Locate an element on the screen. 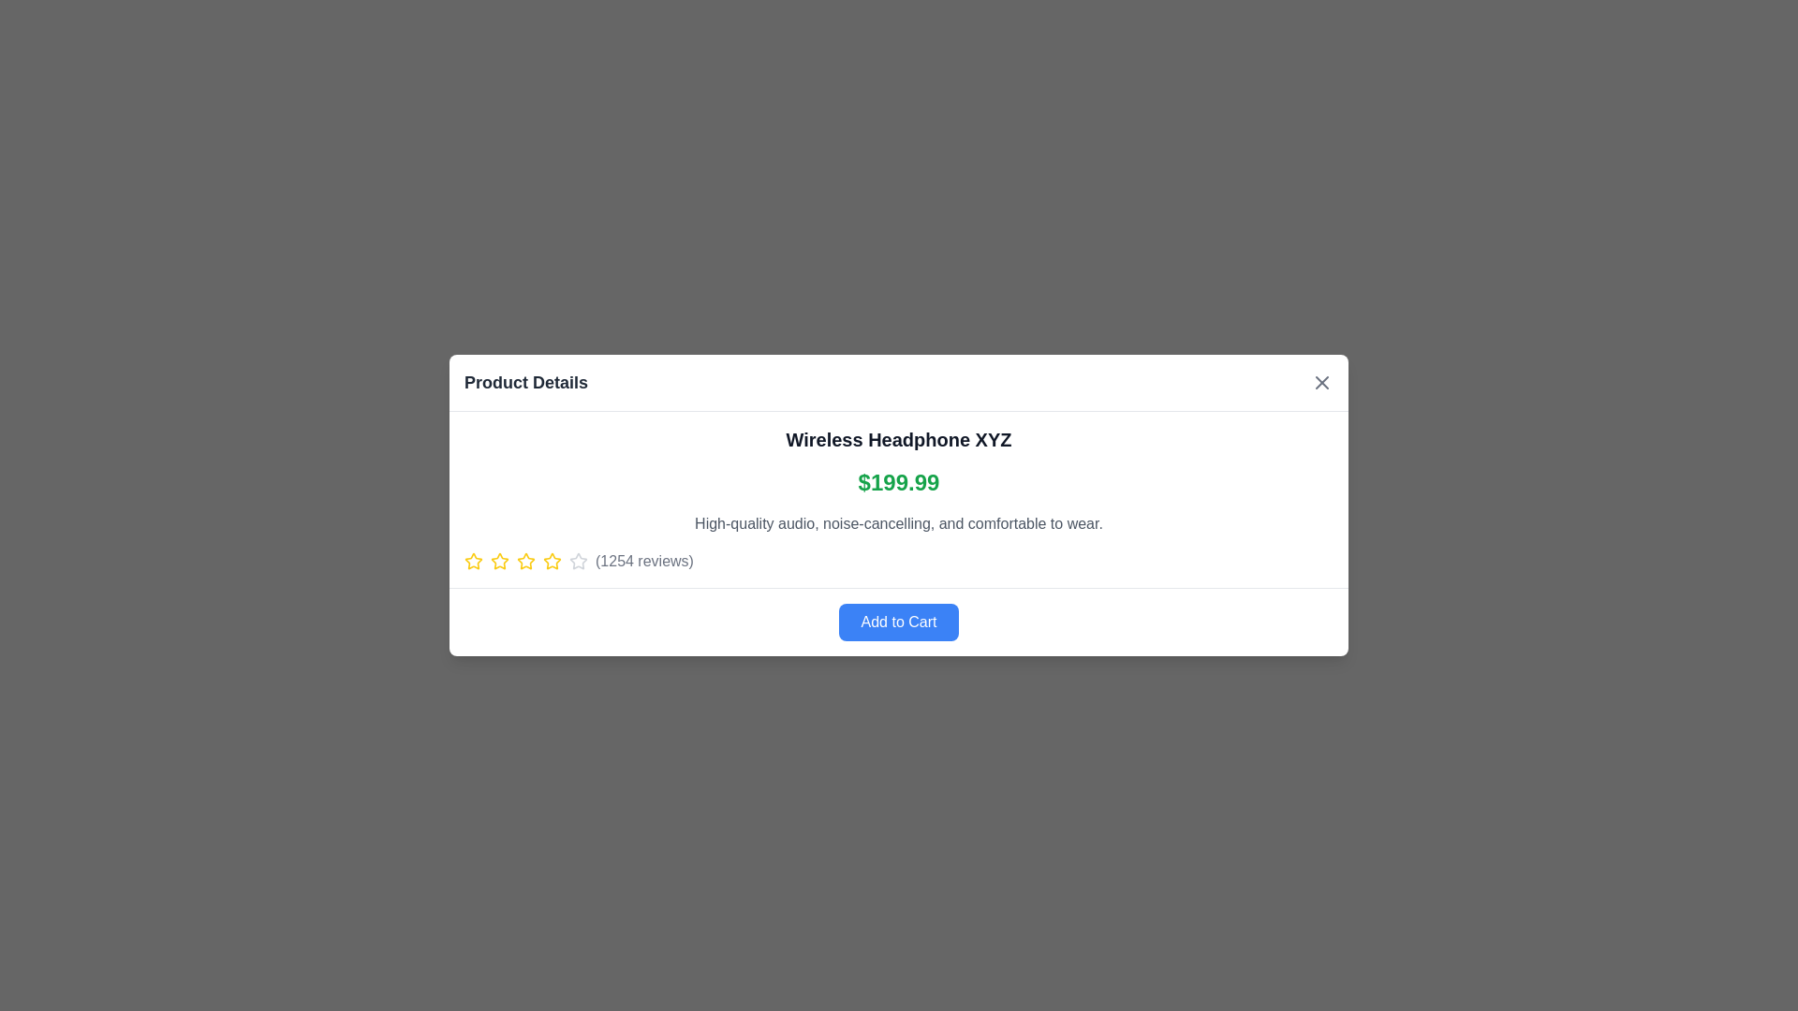 The height and width of the screenshot is (1011, 1798). the 'Add to Cart' button located at the lower central region of the product card is located at coordinates (899, 621).